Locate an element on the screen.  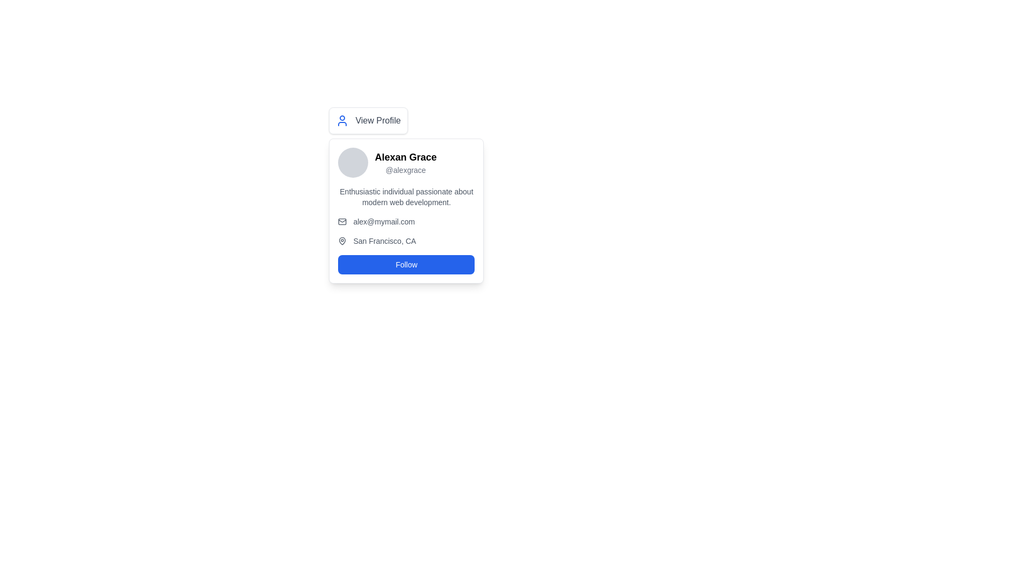
the '@alexgrace' username text element located beneath the larger name 'Alexan Grace' in the profile card is located at coordinates (405, 169).